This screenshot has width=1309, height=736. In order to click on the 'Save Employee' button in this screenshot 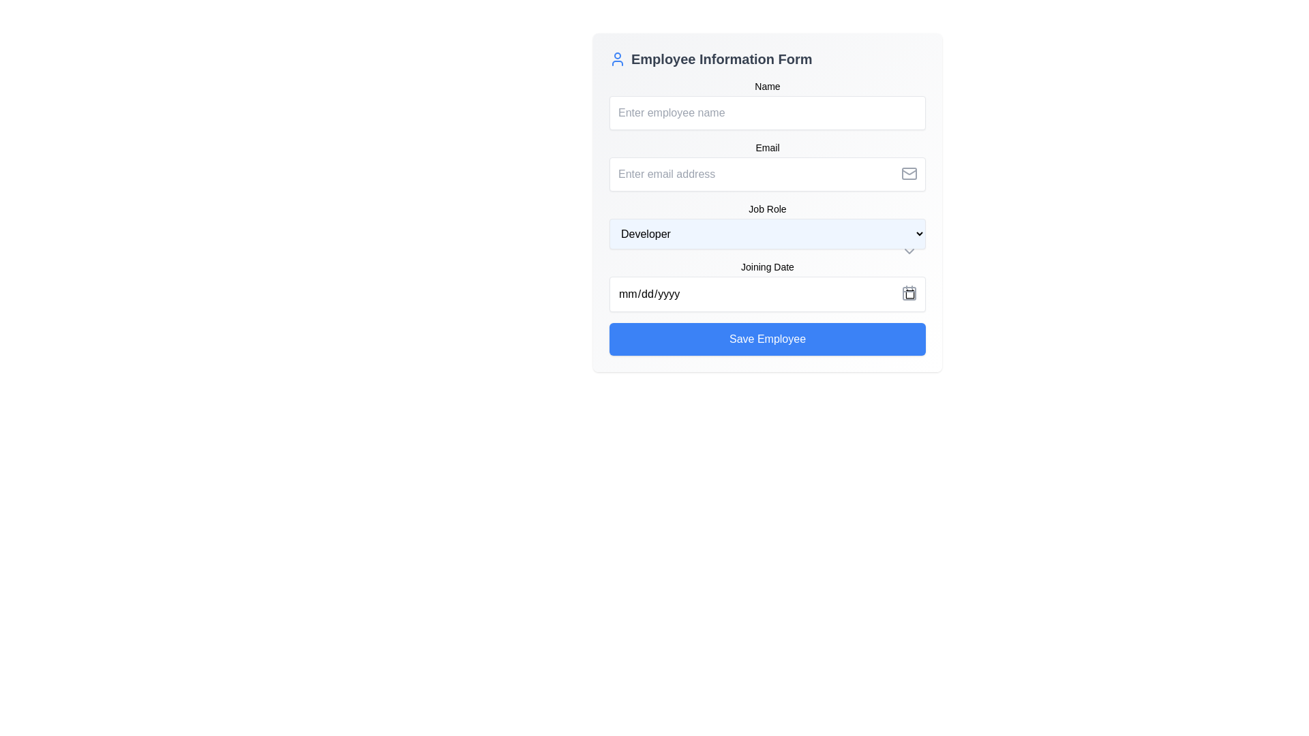, I will do `click(768, 338)`.